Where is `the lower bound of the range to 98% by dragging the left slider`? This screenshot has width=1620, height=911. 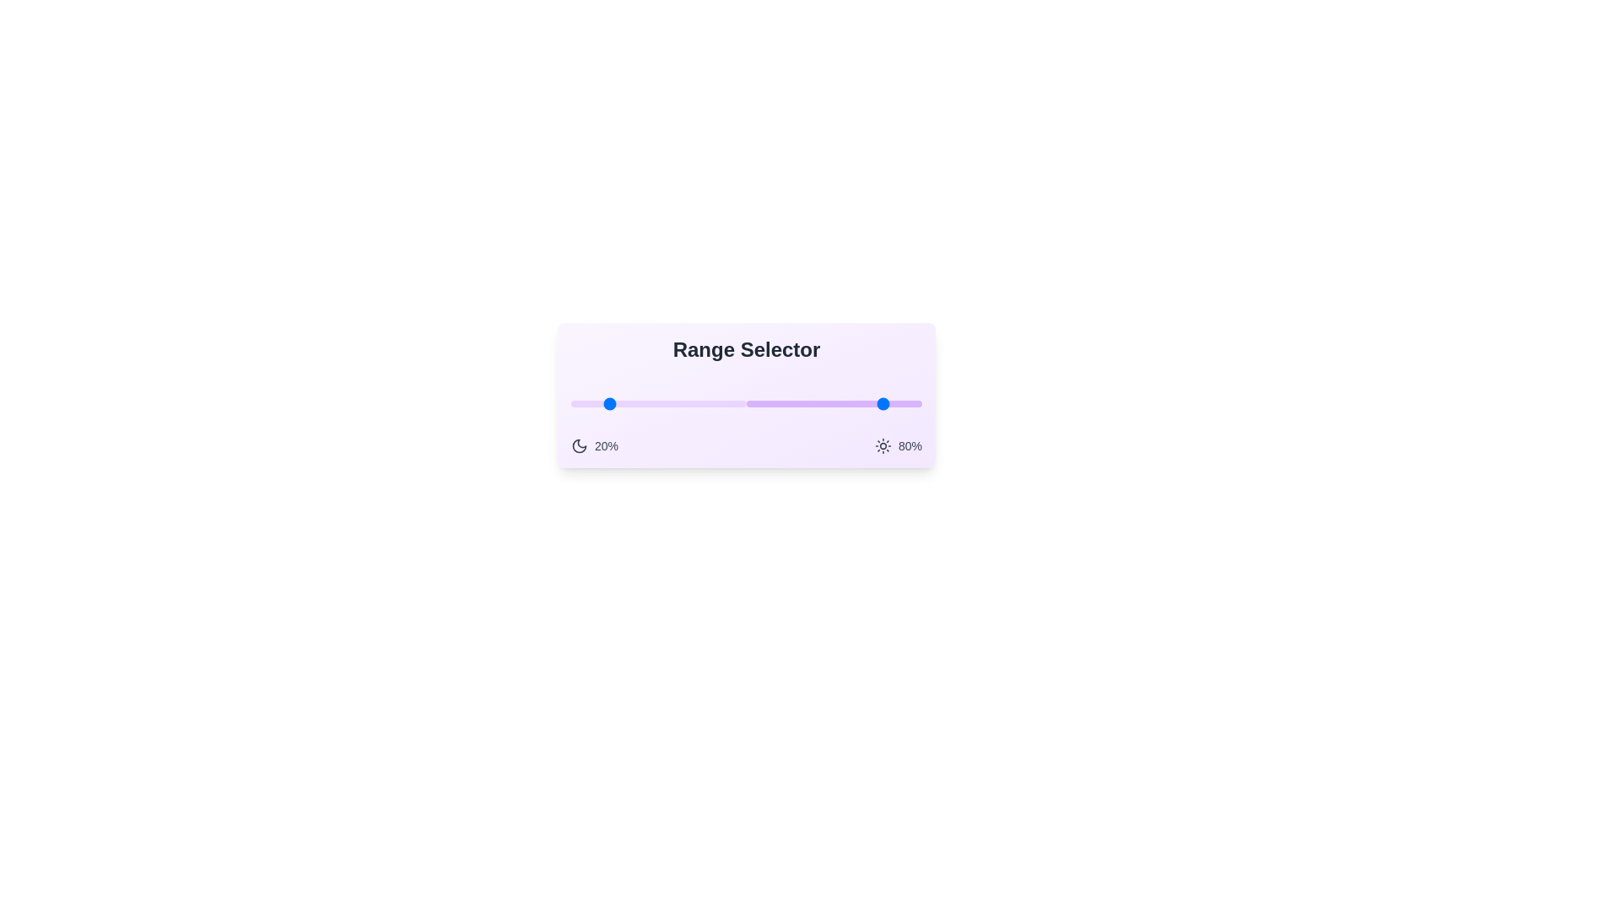
the lower bound of the range to 98% by dragging the left slider is located at coordinates (742, 403).